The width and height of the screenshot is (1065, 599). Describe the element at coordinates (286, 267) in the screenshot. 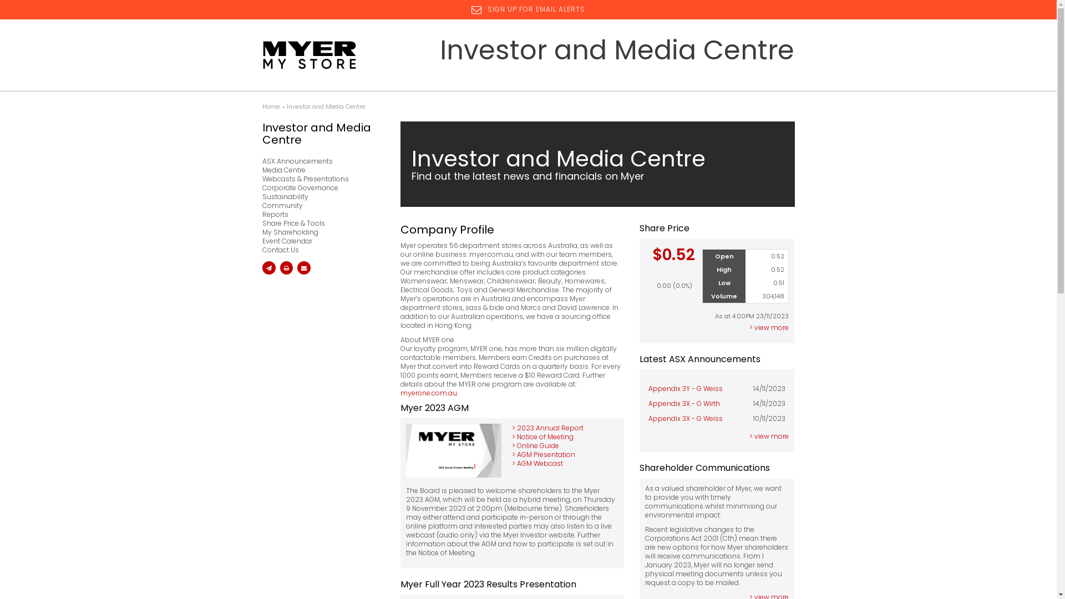

I see `'Print this page'` at that location.